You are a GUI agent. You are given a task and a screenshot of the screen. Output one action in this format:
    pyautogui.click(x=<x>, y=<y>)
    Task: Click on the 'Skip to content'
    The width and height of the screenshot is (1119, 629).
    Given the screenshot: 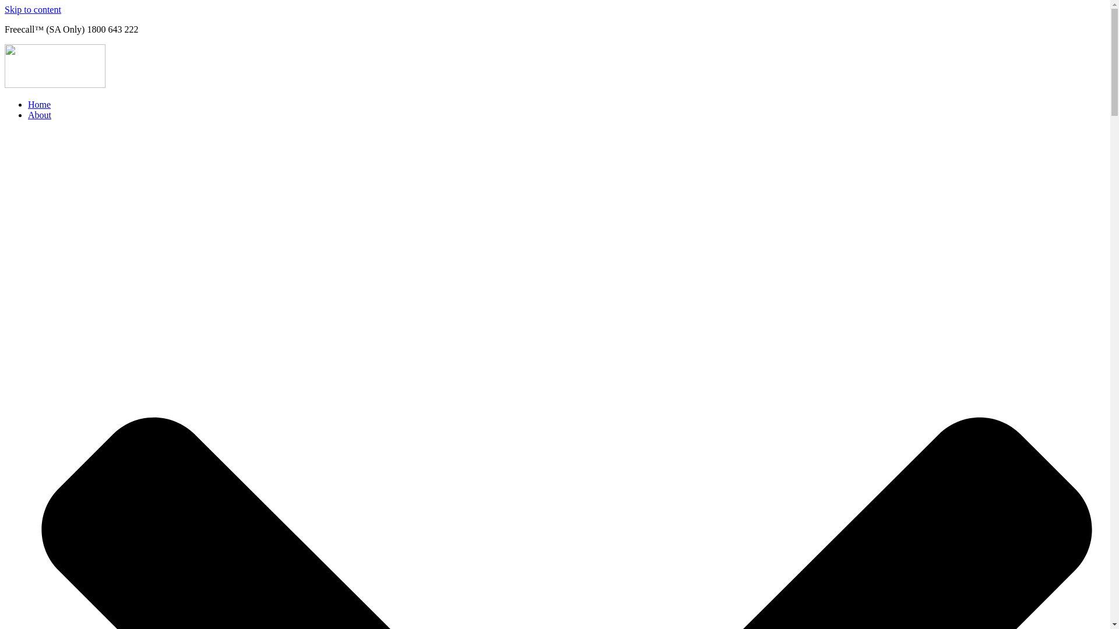 What is the action you would take?
    pyautogui.click(x=33, y=9)
    